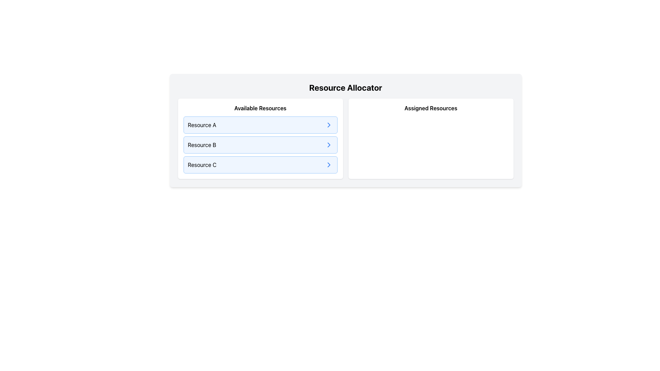 The height and width of the screenshot is (371, 660). I want to click on the rightmost icon in the 'Resource A' row of the 'Available Resources' section, which indicates navigation or action related to 'Resource A', so click(328, 125).